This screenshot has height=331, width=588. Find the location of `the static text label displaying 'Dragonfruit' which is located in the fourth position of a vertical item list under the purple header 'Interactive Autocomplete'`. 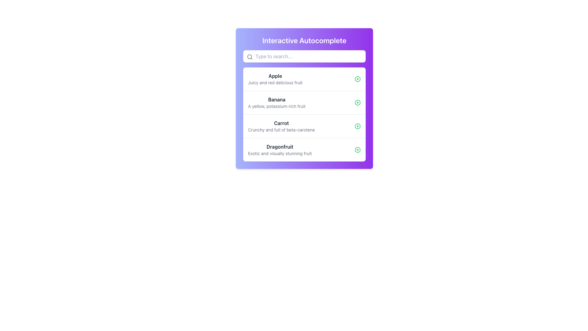

the static text label displaying 'Dragonfruit' which is located in the fourth position of a vertical item list under the purple header 'Interactive Autocomplete' is located at coordinates (280, 146).